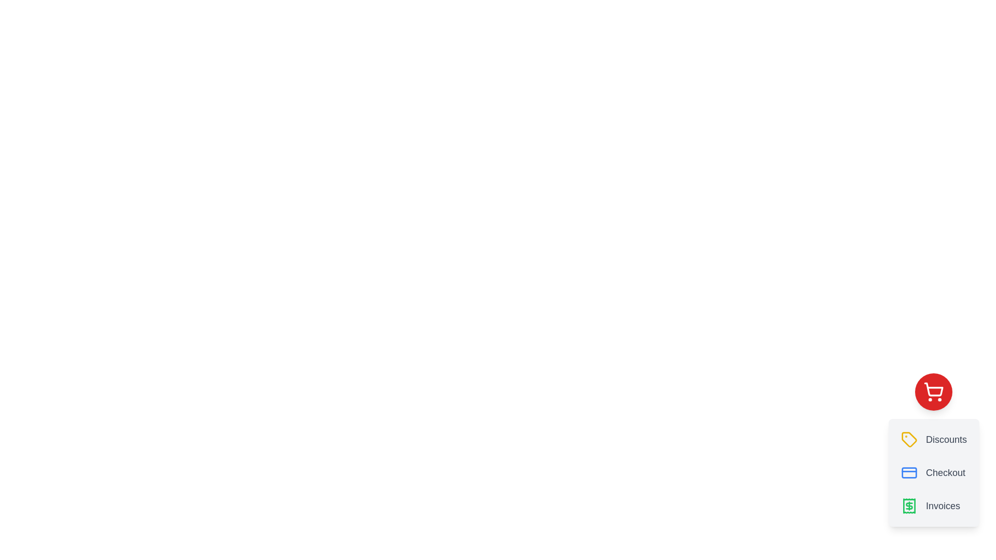  I want to click on the button labeled Invoices to observe its hover effect or tooltip, so click(934, 505).